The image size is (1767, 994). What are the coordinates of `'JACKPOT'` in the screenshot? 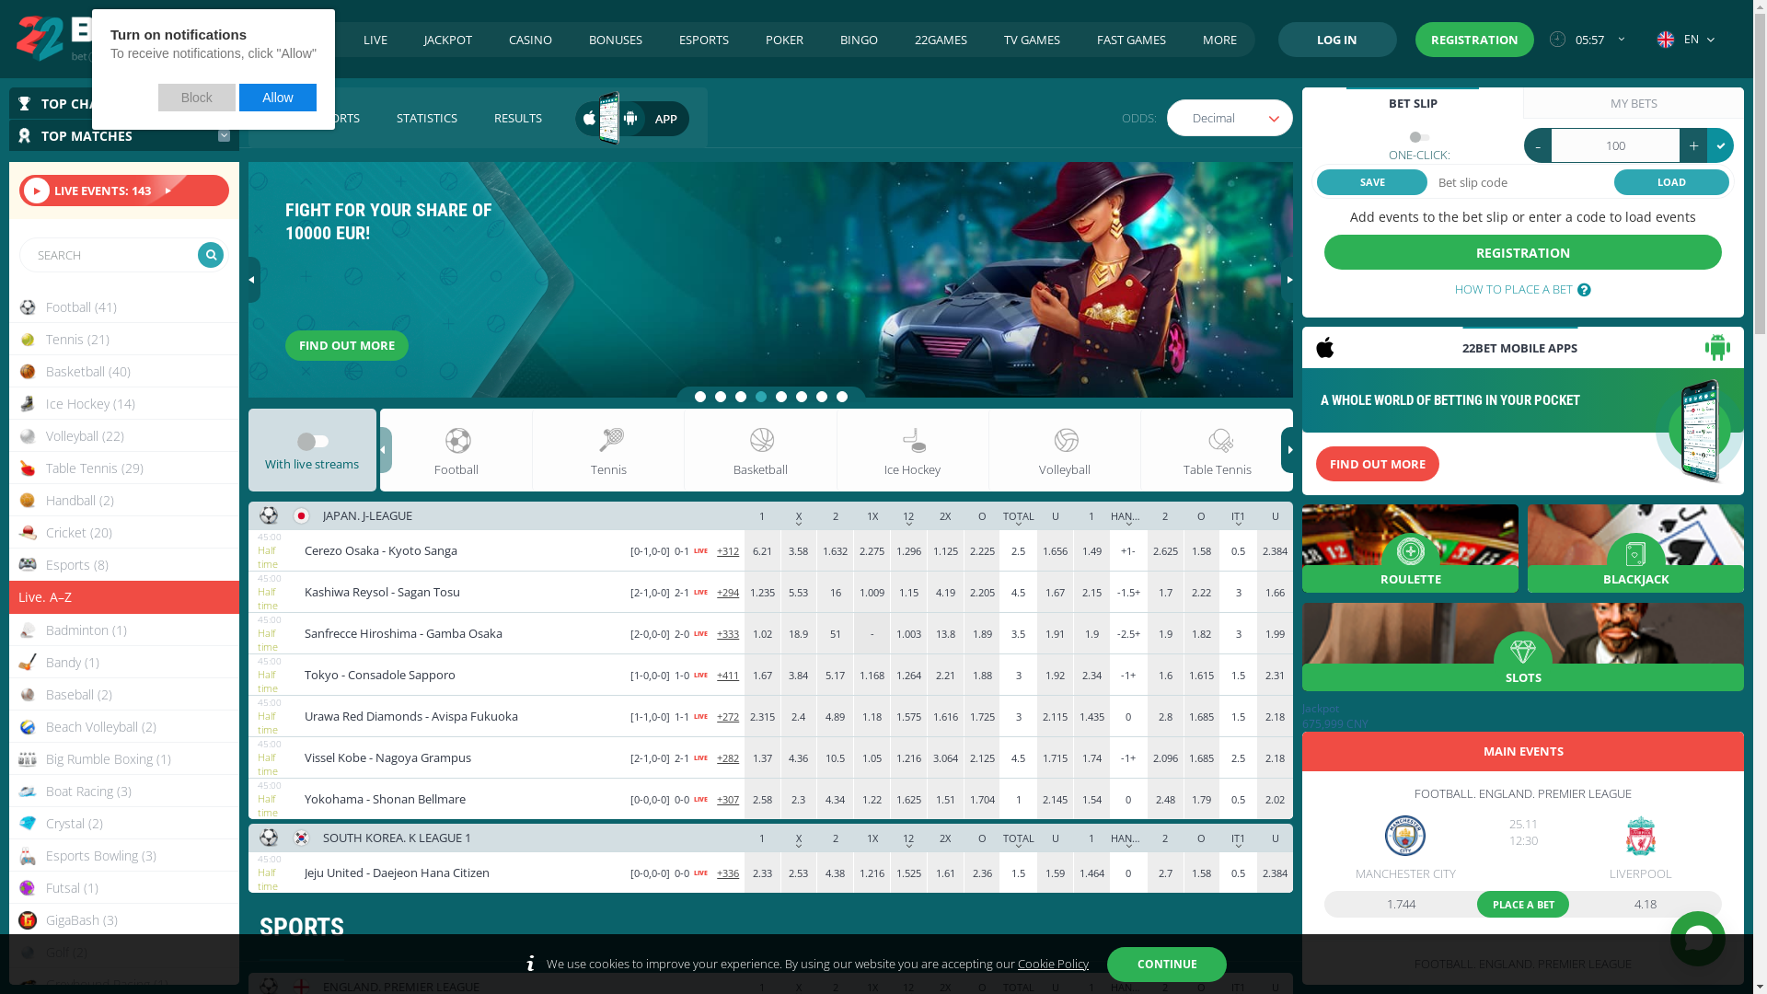 It's located at (447, 39).